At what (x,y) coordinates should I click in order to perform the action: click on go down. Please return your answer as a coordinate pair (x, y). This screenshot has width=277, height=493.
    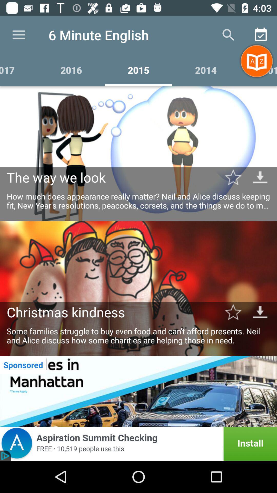
    Looking at the image, I should click on (260, 177).